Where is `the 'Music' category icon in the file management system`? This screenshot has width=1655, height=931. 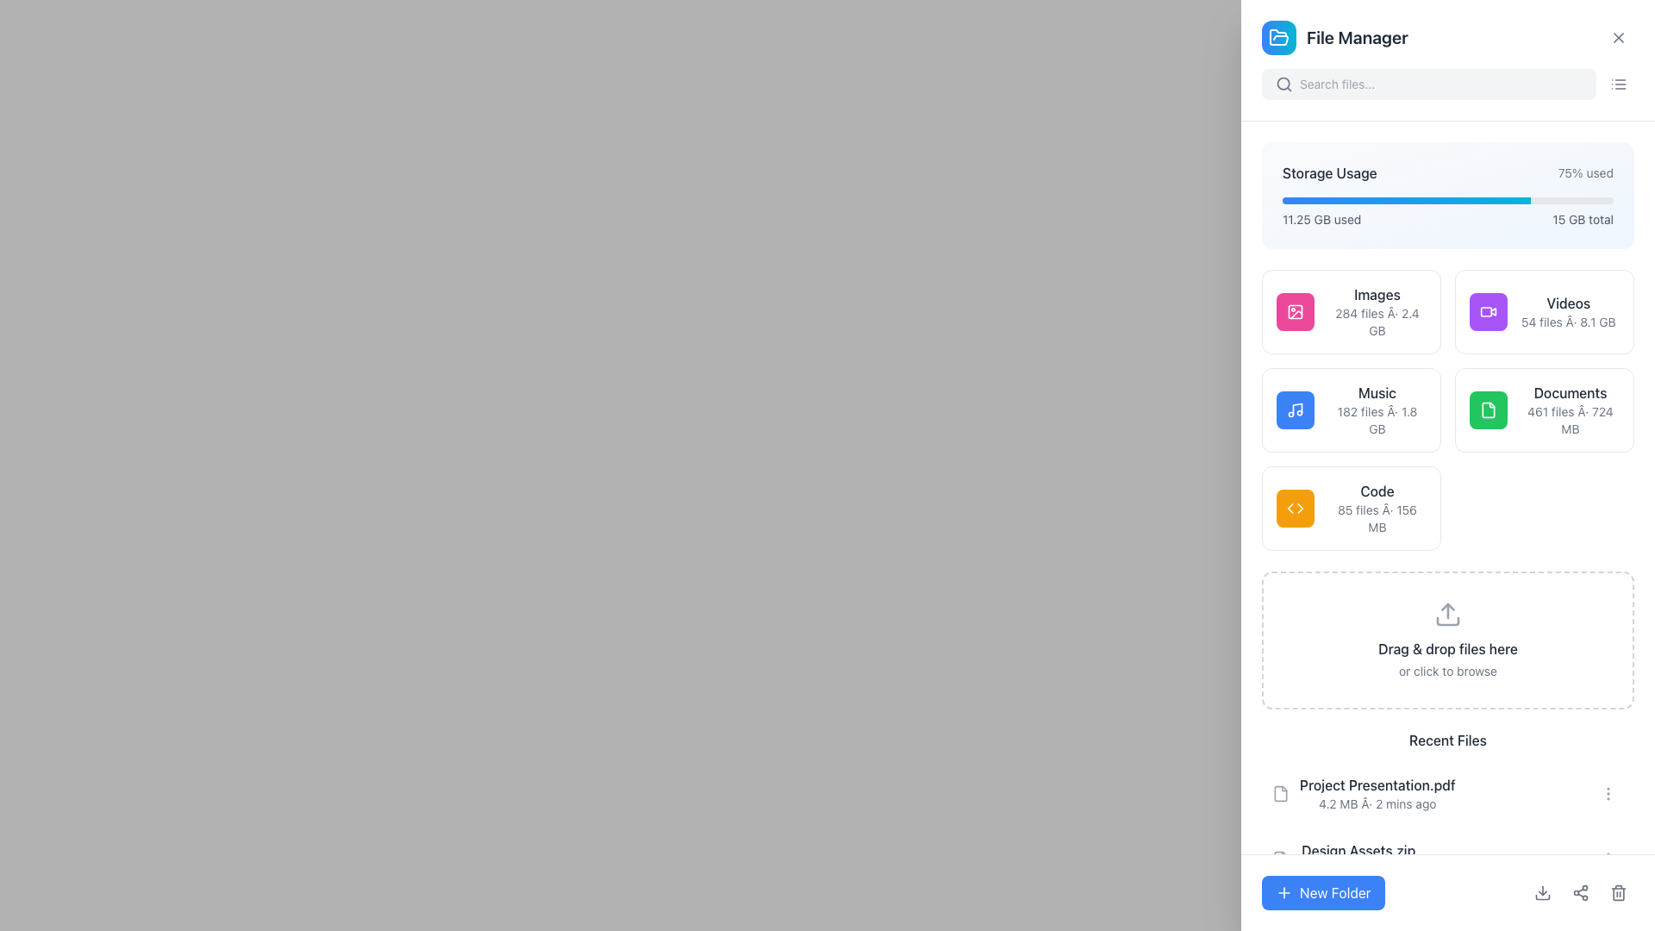
the 'Music' category icon in the file management system is located at coordinates (1295, 409).